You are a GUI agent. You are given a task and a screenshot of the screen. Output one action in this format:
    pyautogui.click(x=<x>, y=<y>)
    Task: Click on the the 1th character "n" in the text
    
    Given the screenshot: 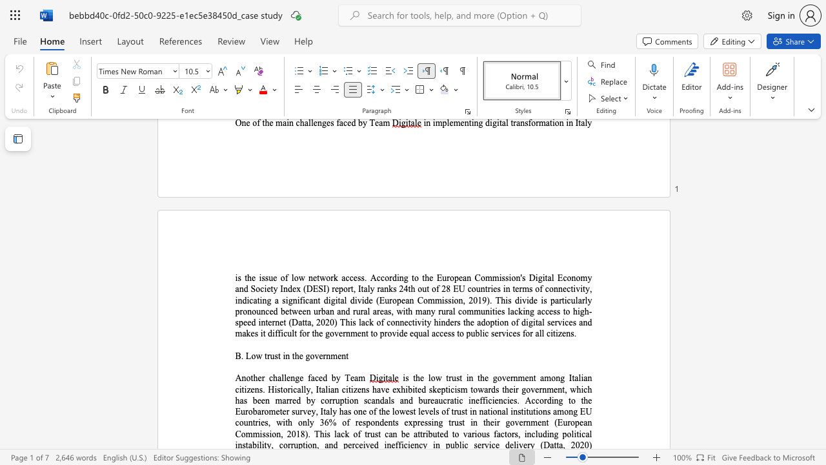 What is the action you would take?
    pyautogui.click(x=310, y=277)
    